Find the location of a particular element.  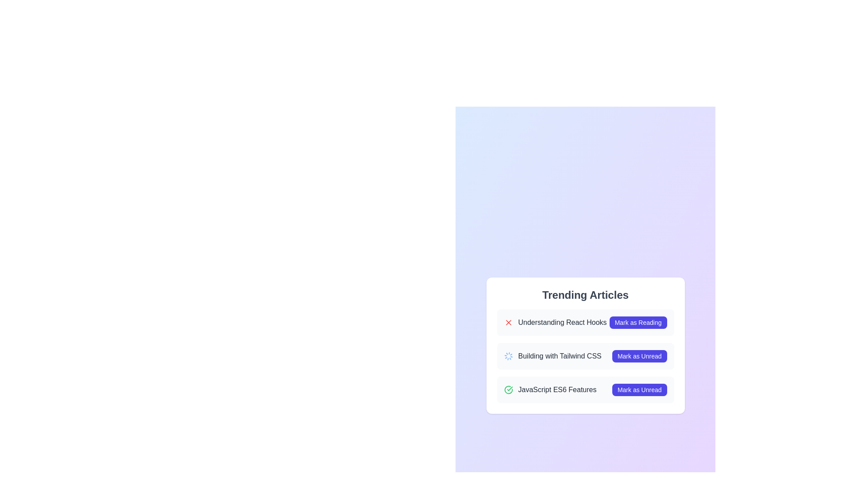

the label with the title 'JavaScript ES6 Features' that is the third item in the 'Trending Articles' list, which is indicated by a green check mark is located at coordinates (550, 389).